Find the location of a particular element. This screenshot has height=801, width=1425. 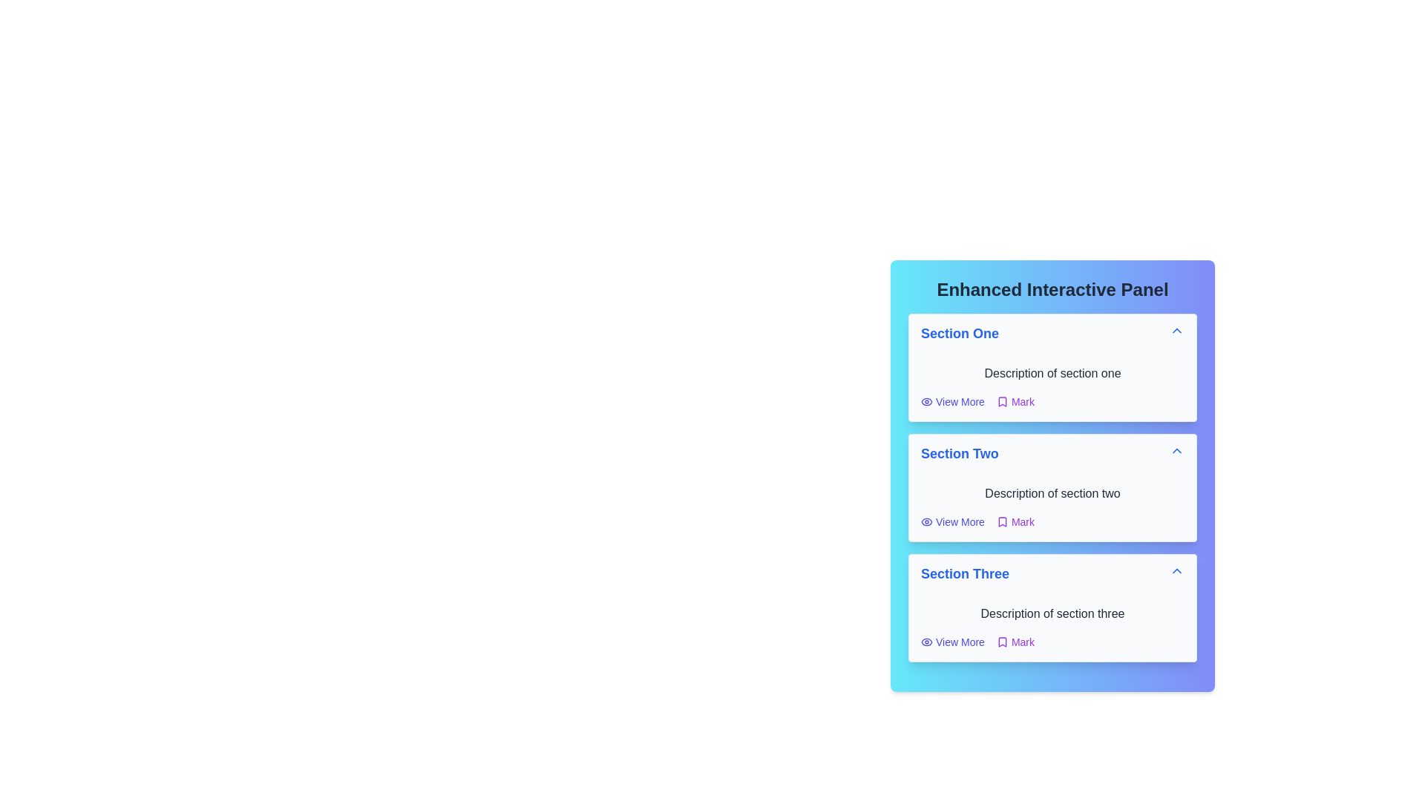

the toggle button for 'Section Three' is located at coordinates (1052, 573).